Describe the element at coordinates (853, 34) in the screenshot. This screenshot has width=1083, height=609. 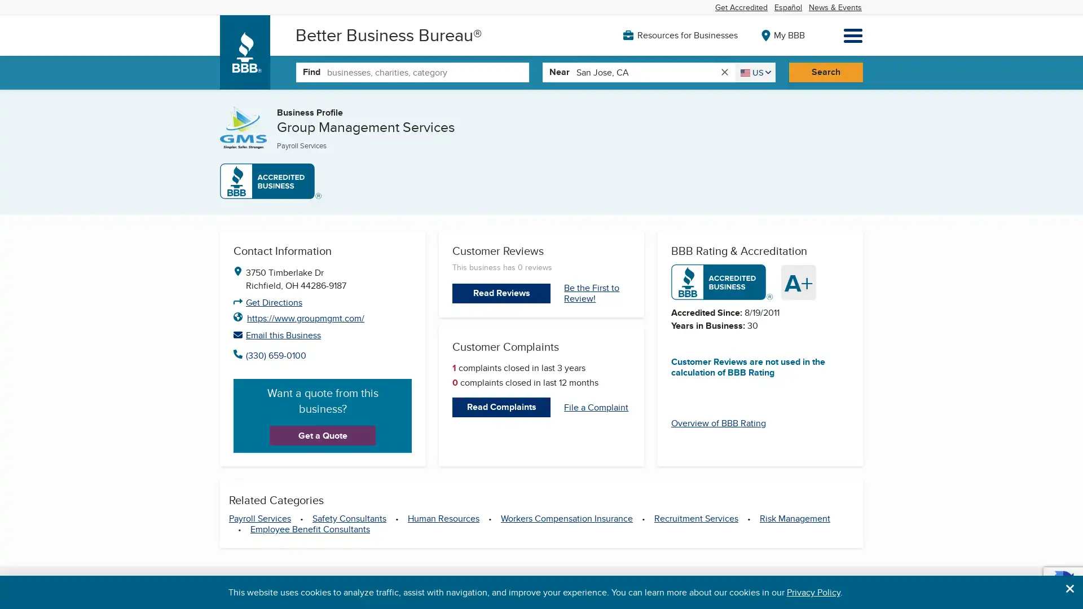
I see `Menu` at that location.